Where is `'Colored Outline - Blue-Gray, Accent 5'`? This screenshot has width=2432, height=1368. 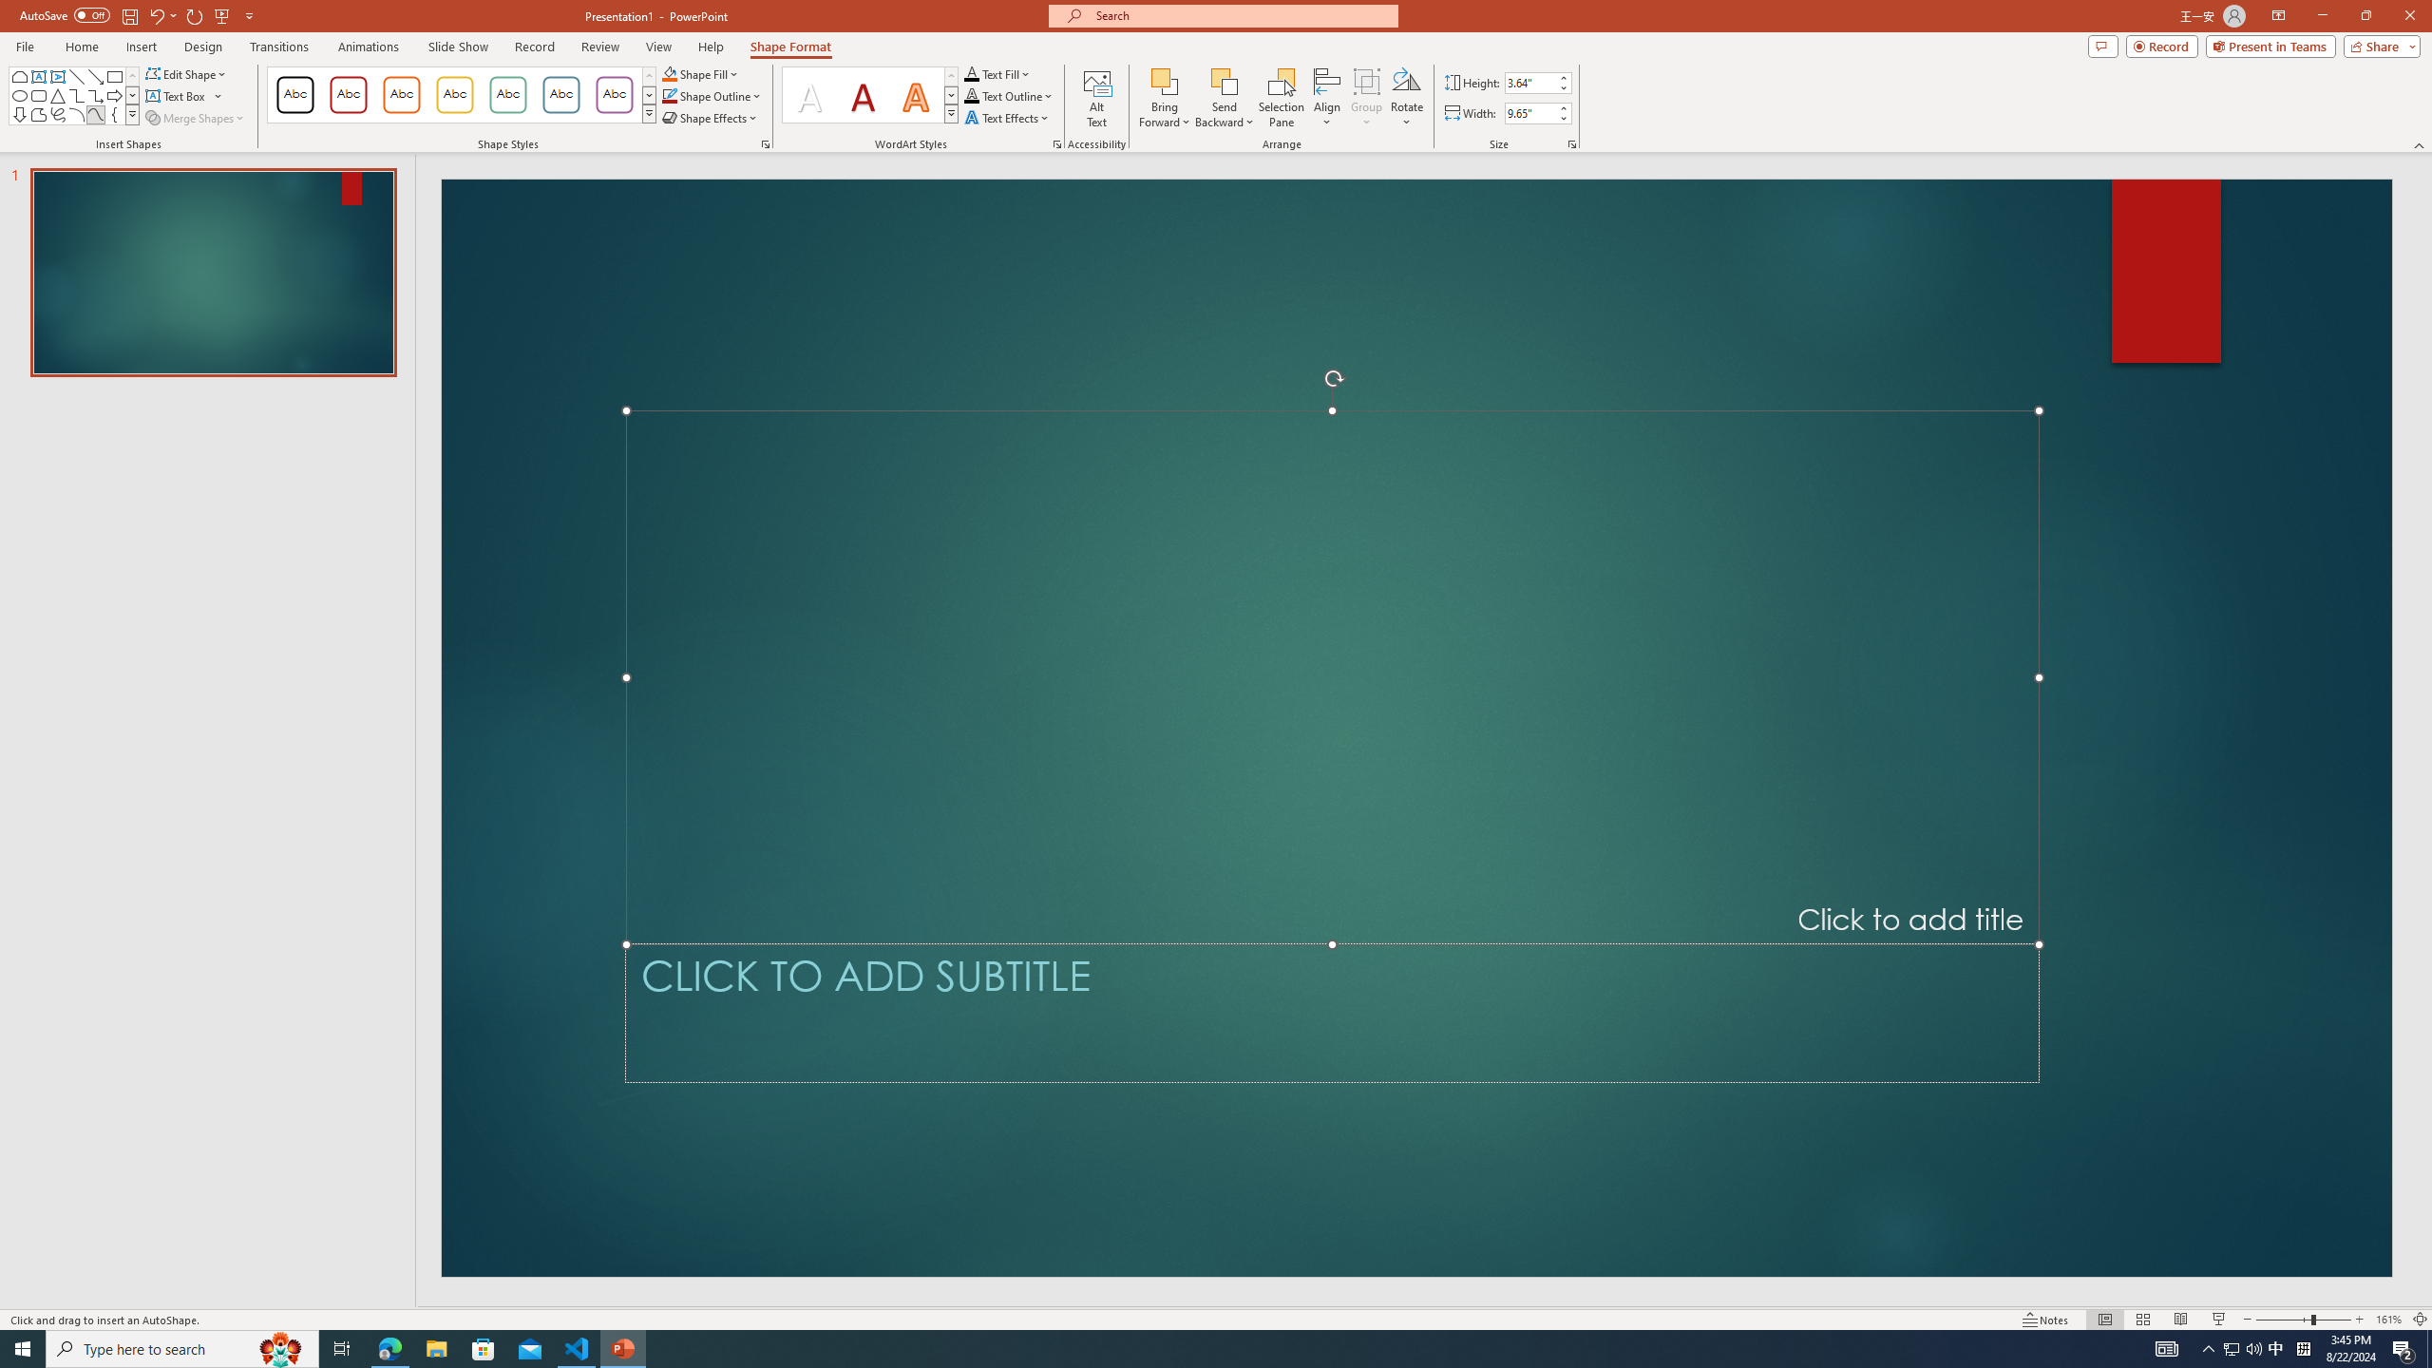 'Colored Outline - Blue-Gray, Accent 5' is located at coordinates (561, 94).